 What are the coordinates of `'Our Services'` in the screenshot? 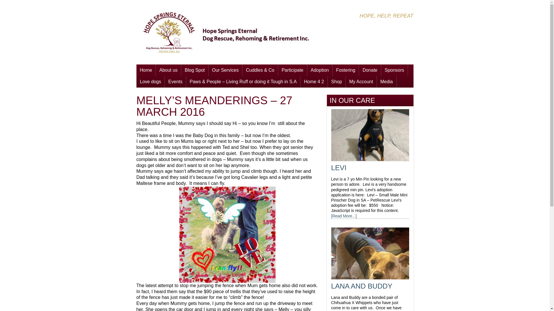 It's located at (225, 70).